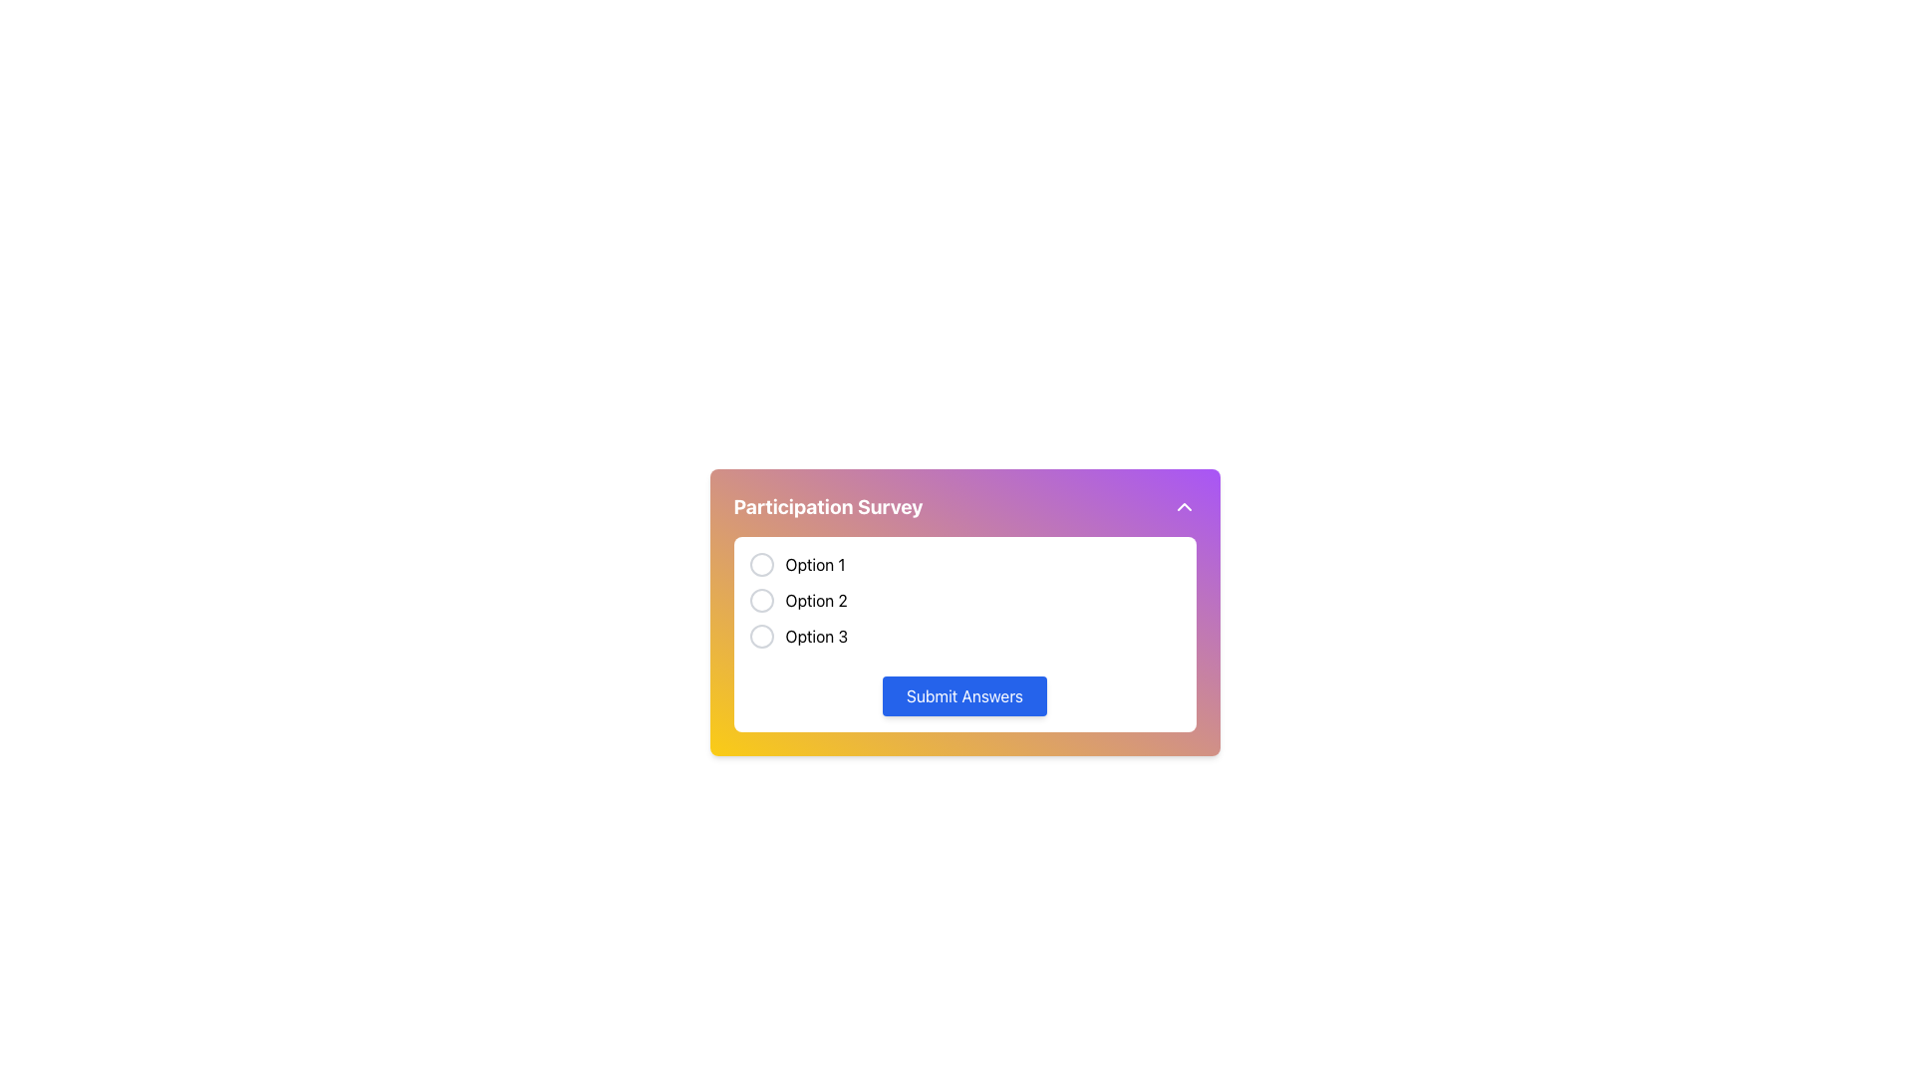  Describe the element at coordinates (760, 565) in the screenshot. I see `the radio button associated with 'Option 1' in the Participation Survey` at that location.